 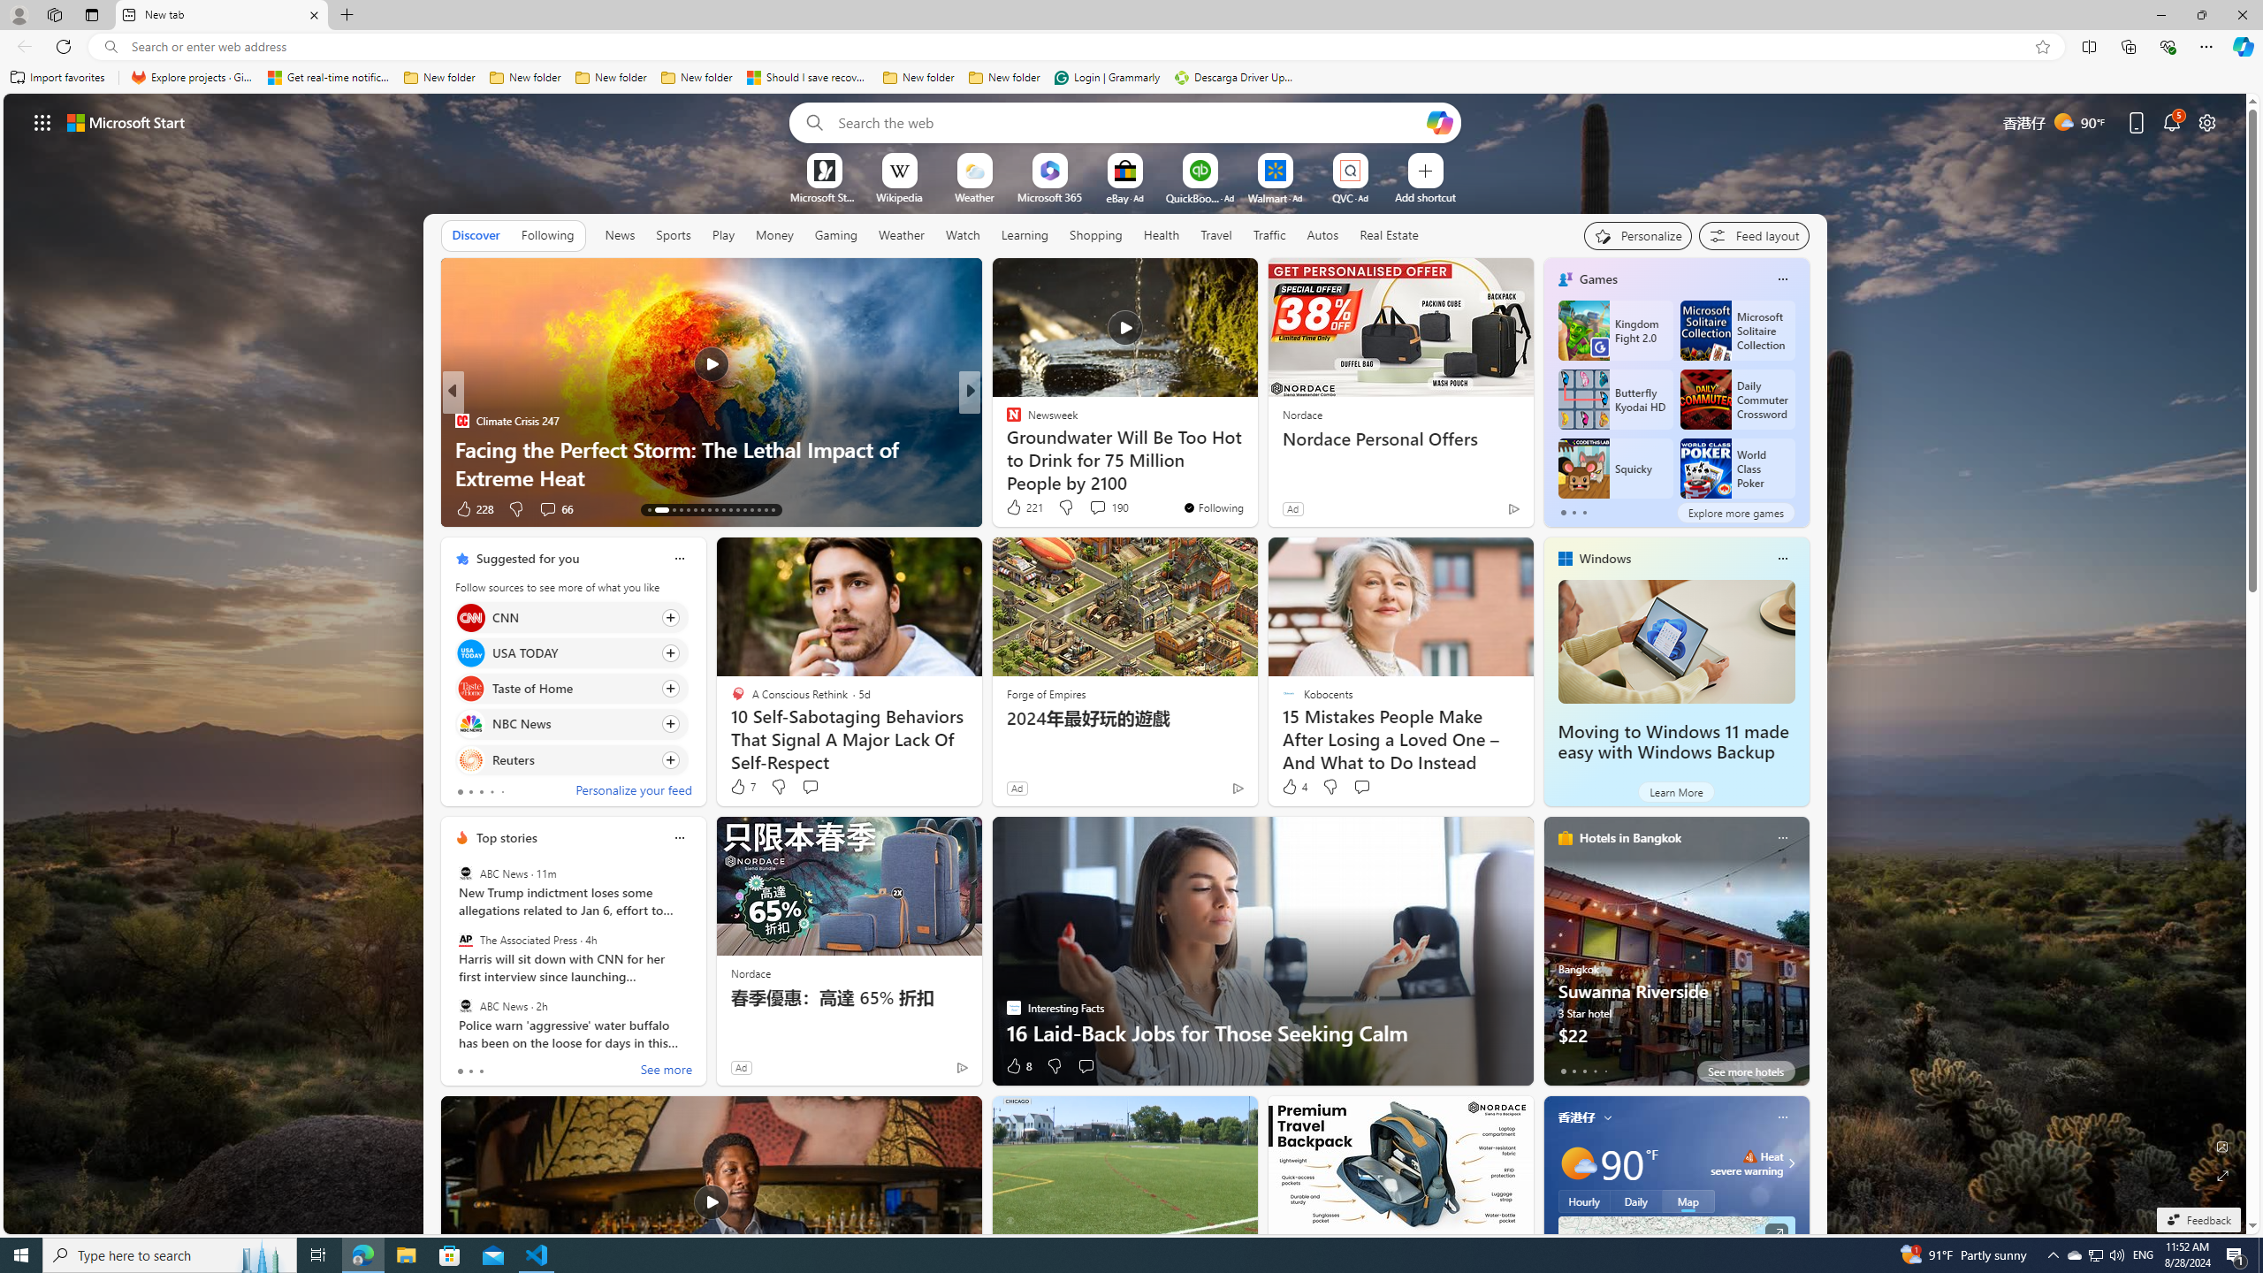 I want to click on 'Should I save recovered Word documents? - Microsoft Support', so click(x=807, y=77).